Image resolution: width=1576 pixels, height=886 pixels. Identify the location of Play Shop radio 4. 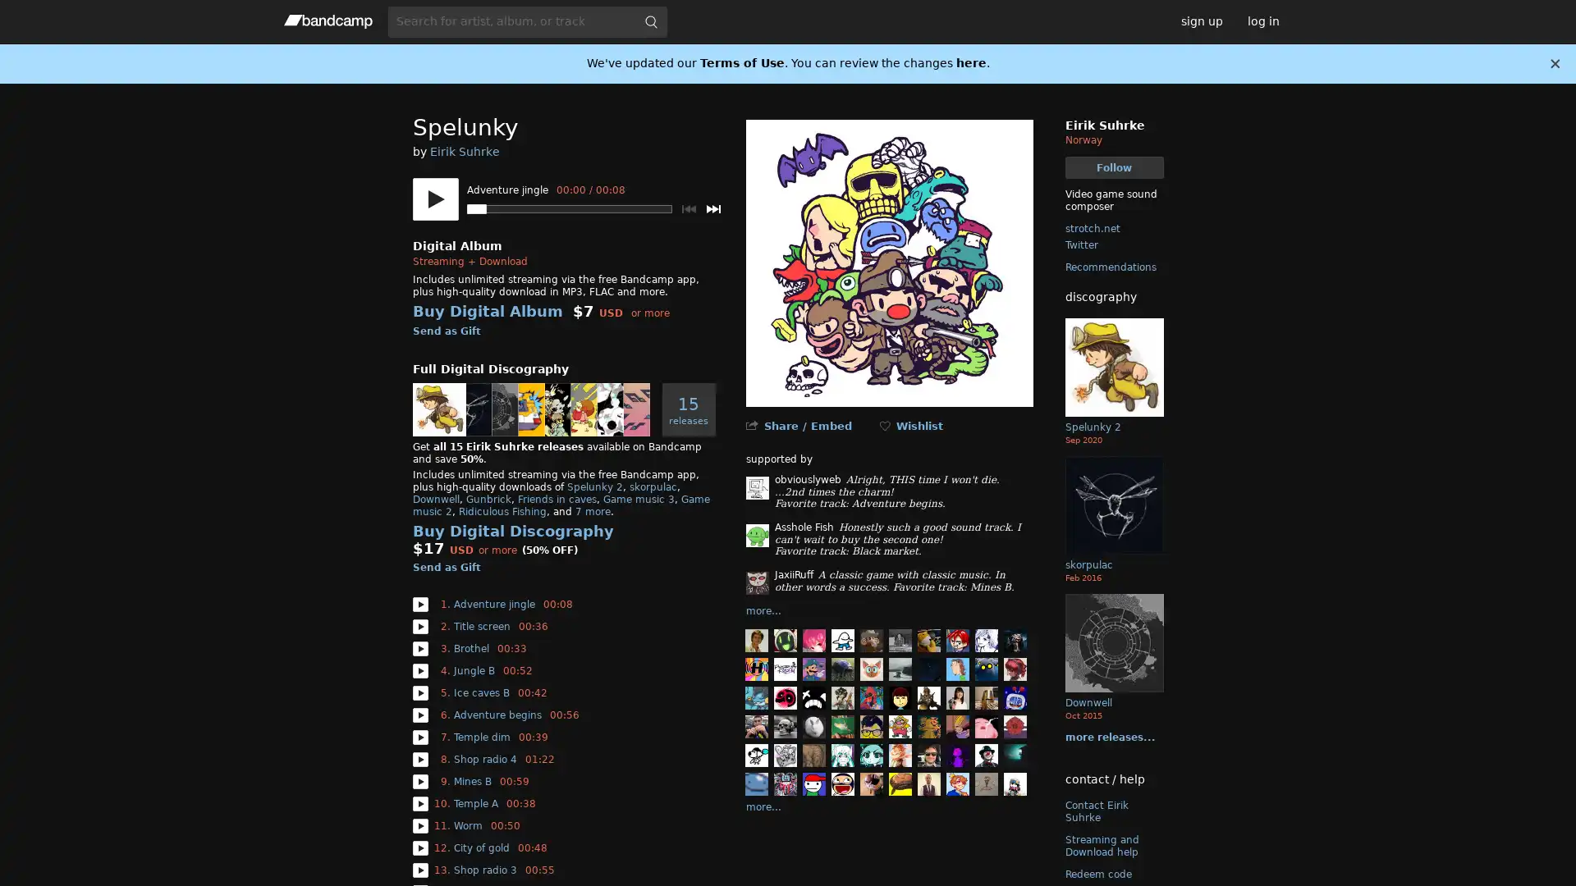
(419, 759).